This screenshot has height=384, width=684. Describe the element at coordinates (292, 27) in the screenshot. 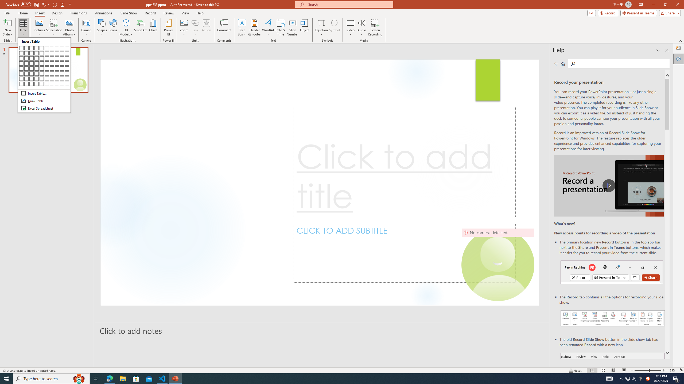

I see `'Slide Number'` at that location.